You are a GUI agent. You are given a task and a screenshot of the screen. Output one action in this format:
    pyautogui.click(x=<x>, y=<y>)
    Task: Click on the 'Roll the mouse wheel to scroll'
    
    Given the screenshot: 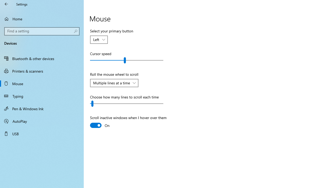 What is the action you would take?
    pyautogui.click(x=114, y=83)
    